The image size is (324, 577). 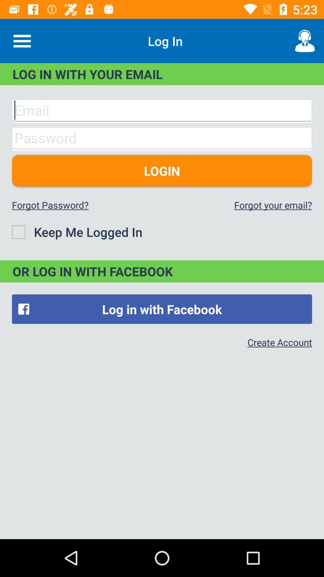 What do you see at coordinates (22, 41) in the screenshot?
I see `icon next to the log in icon` at bounding box center [22, 41].